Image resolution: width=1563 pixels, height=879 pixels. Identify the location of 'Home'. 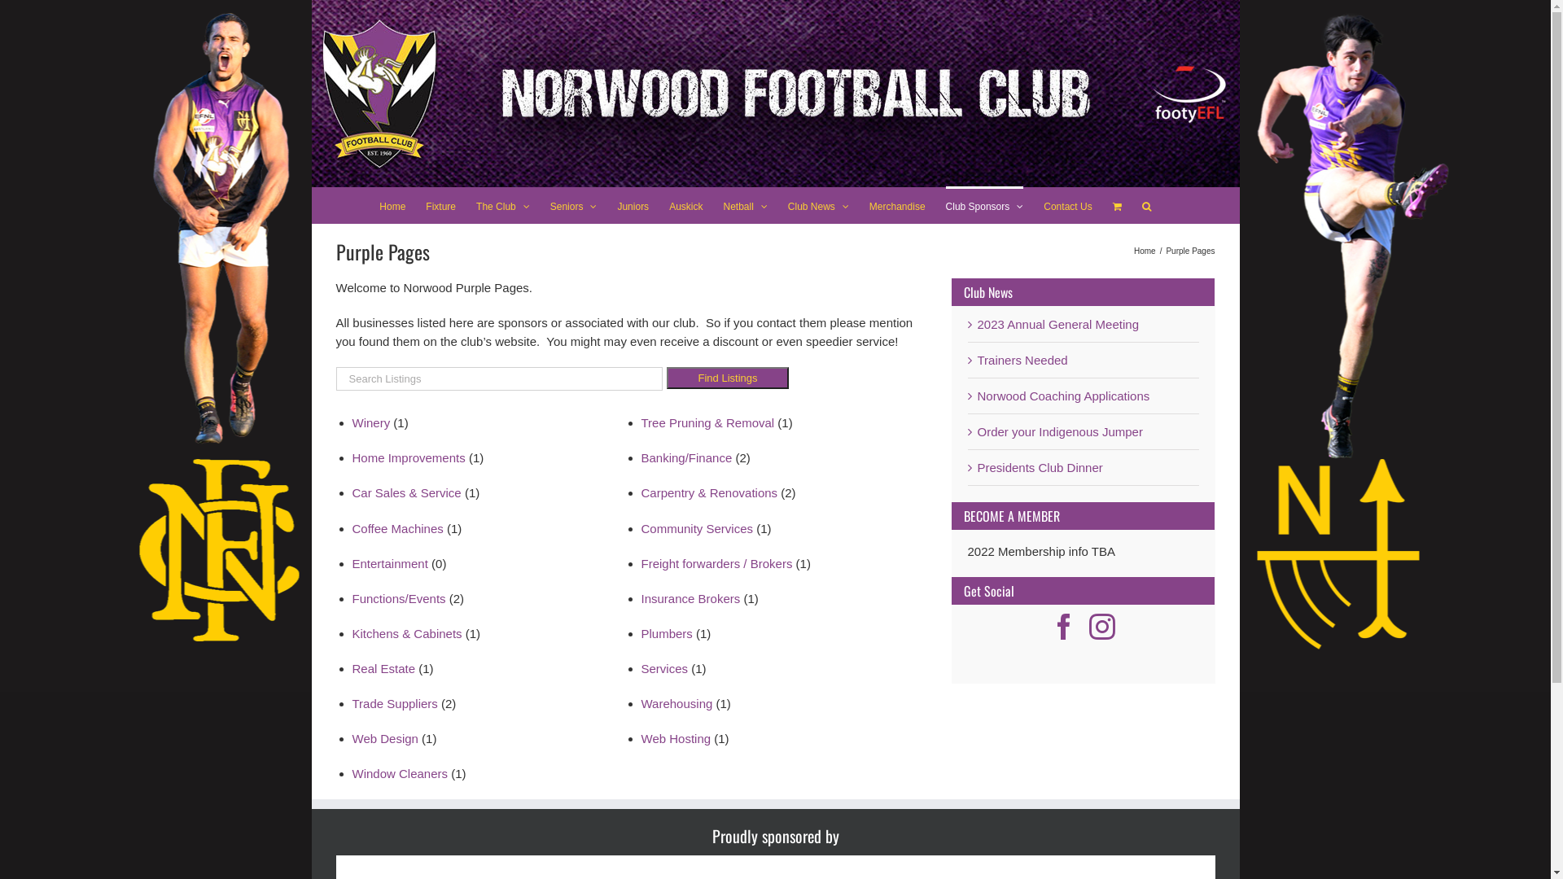
(378, 203).